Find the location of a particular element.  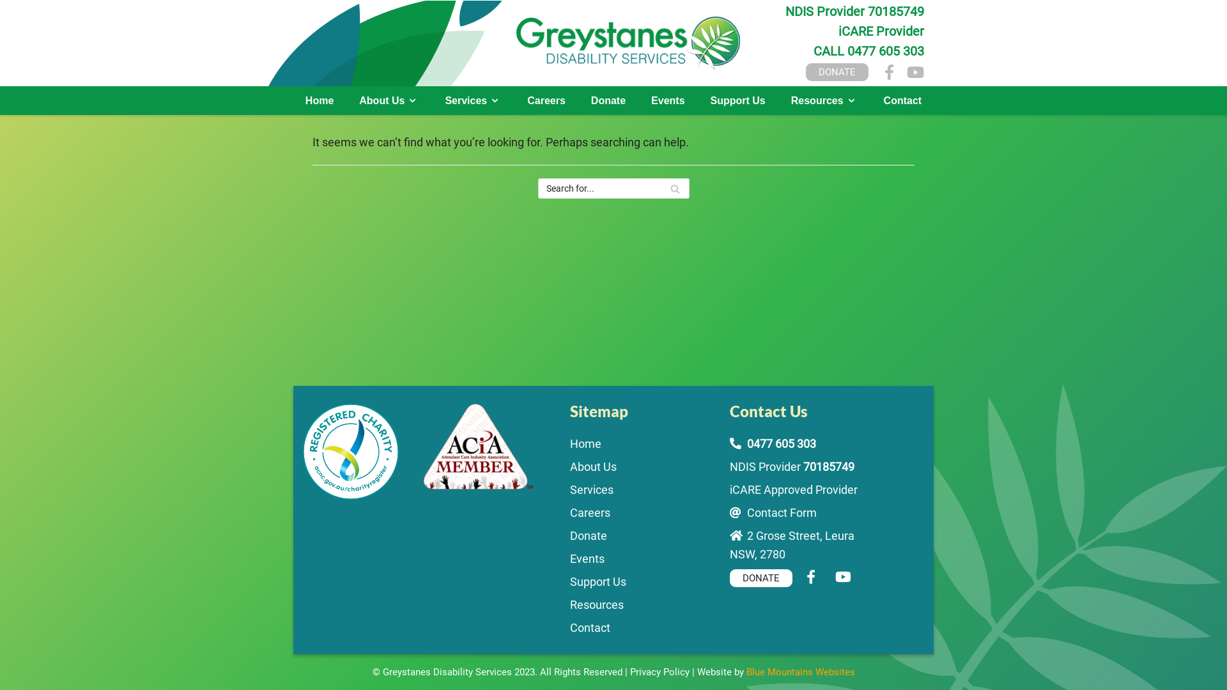

'Skip to content' is located at coordinates (12, 6).